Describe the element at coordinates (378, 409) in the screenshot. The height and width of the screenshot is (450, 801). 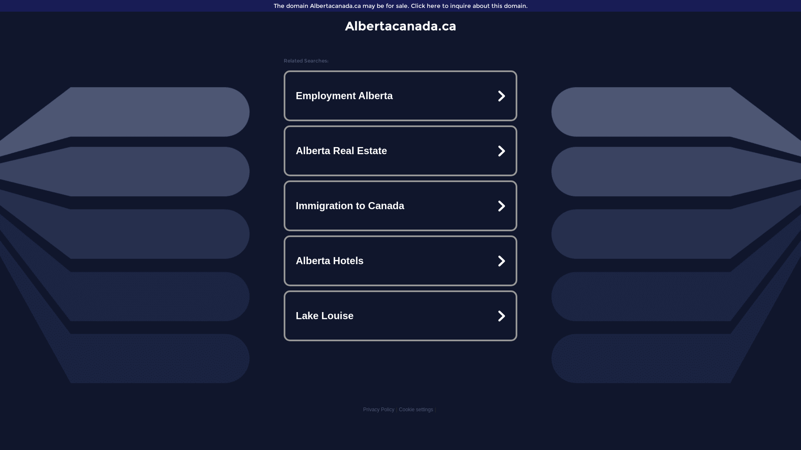
I see `'Privacy Policy'` at that location.